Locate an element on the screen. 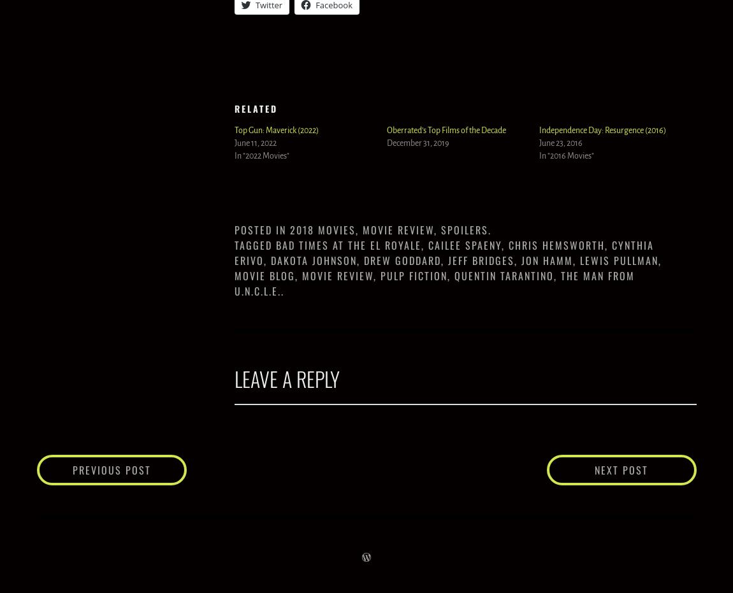  'Tagged' is located at coordinates (255, 245).